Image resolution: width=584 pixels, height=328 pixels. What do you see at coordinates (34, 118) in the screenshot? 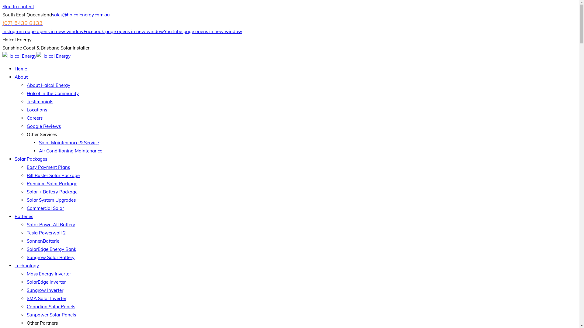
I see `'Careers'` at bounding box center [34, 118].